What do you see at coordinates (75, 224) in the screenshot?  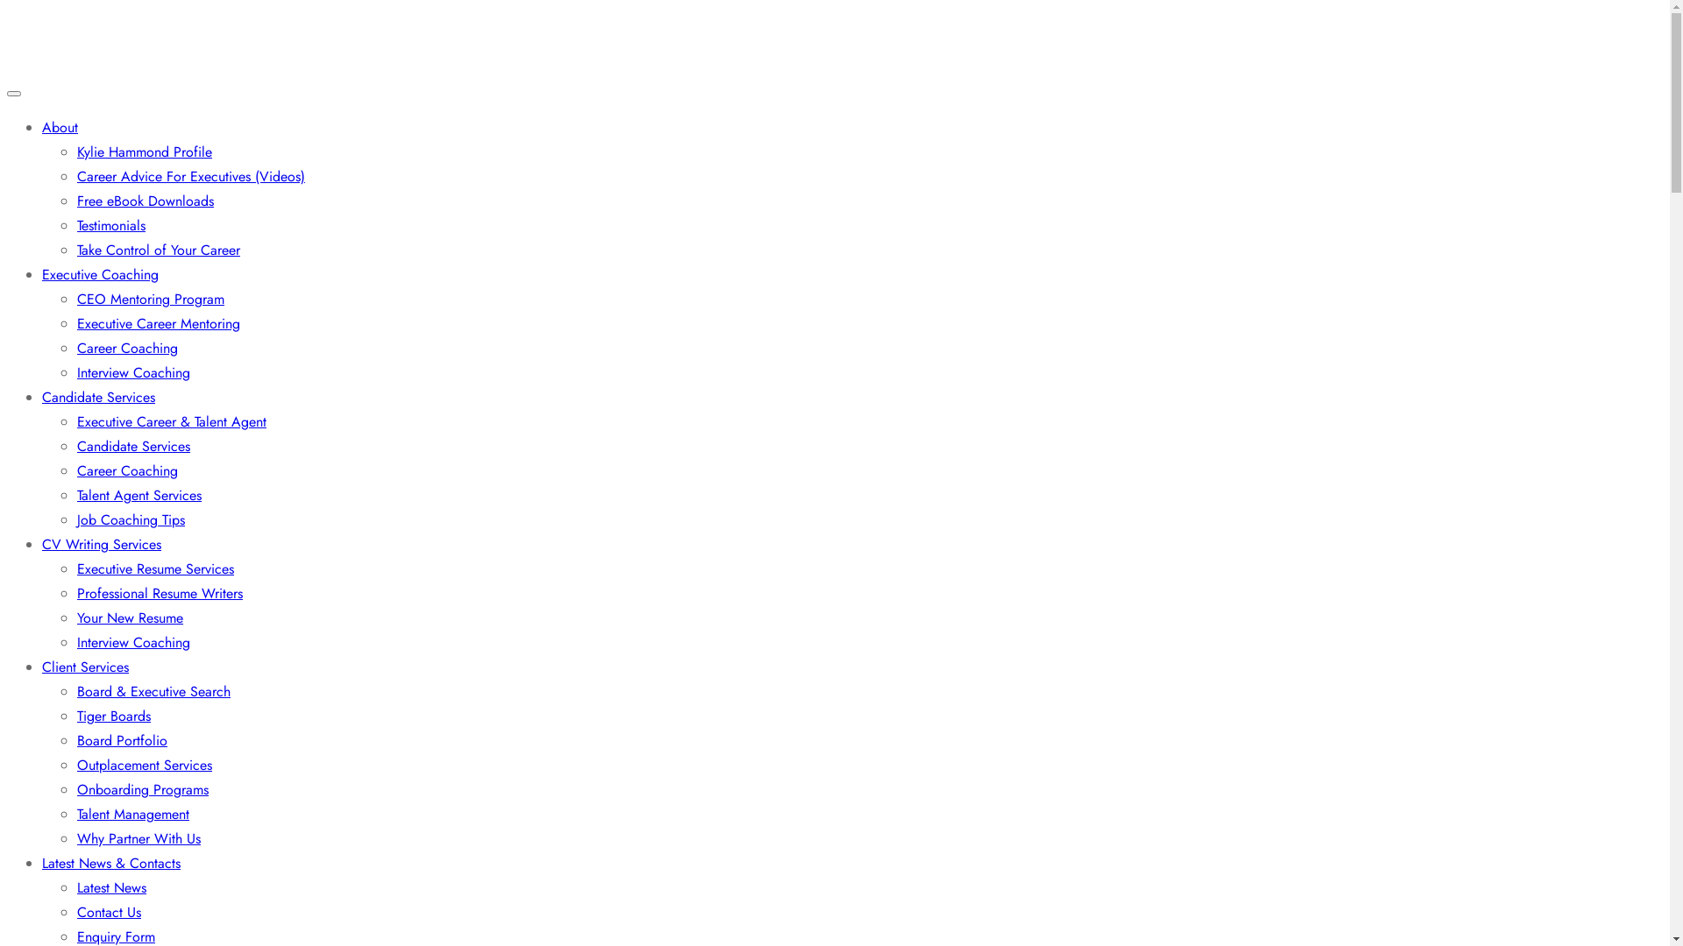 I see `'Testimonials'` at bounding box center [75, 224].